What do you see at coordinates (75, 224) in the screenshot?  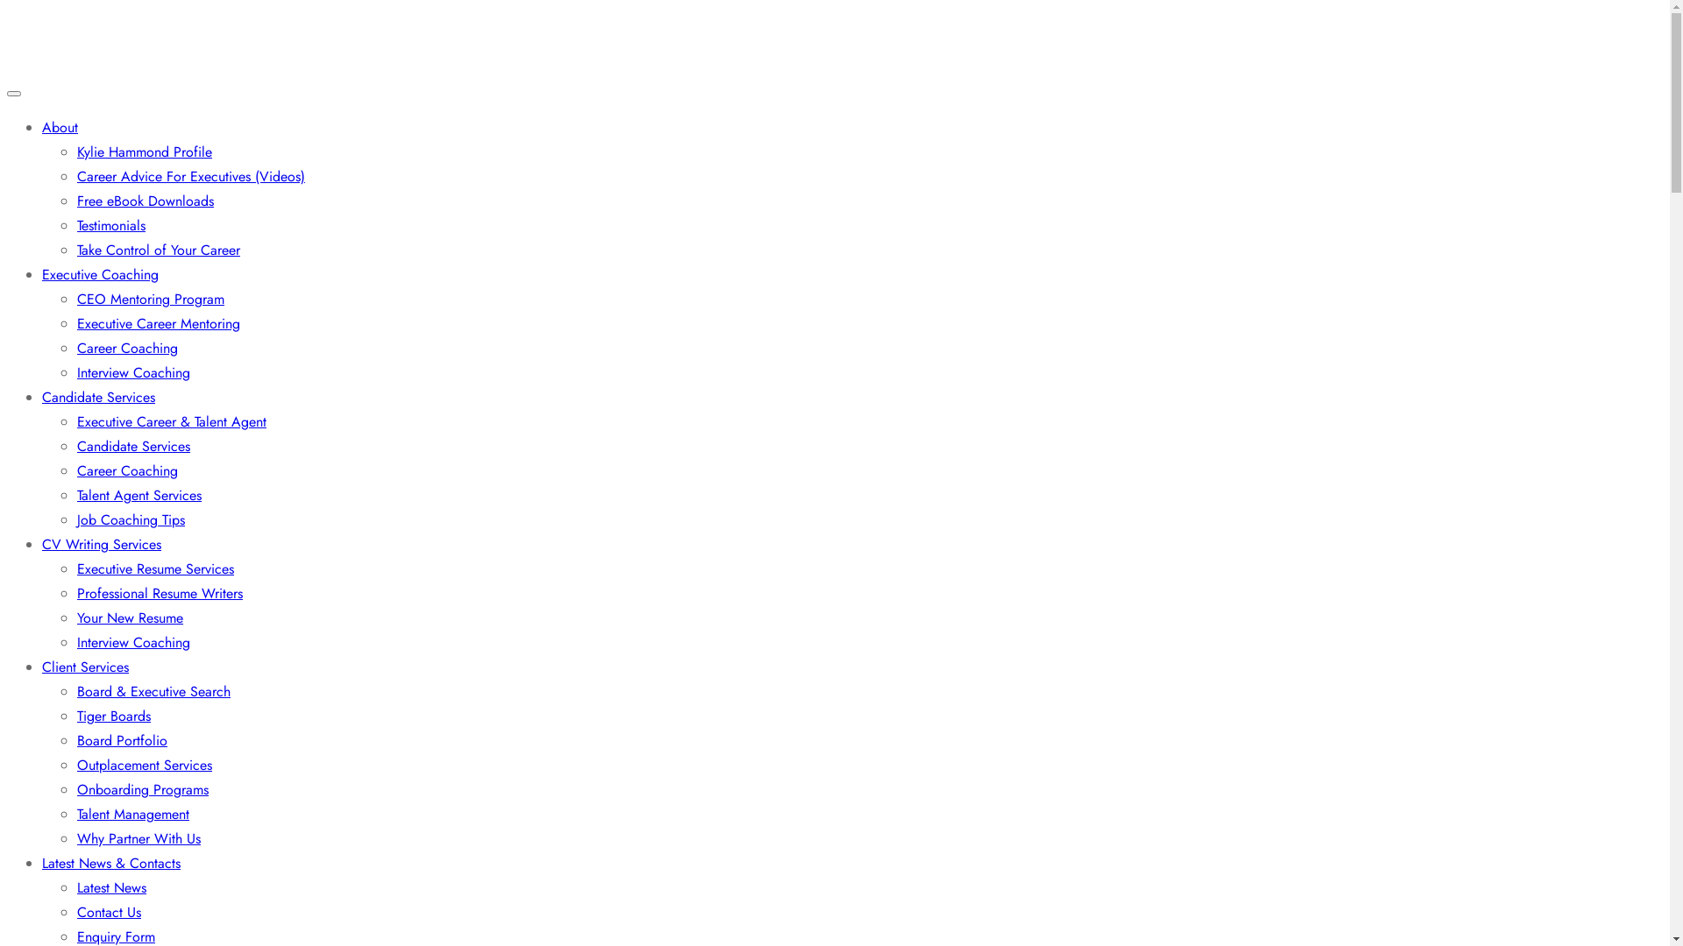 I see `'Testimonials'` at bounding box center [75, 224].